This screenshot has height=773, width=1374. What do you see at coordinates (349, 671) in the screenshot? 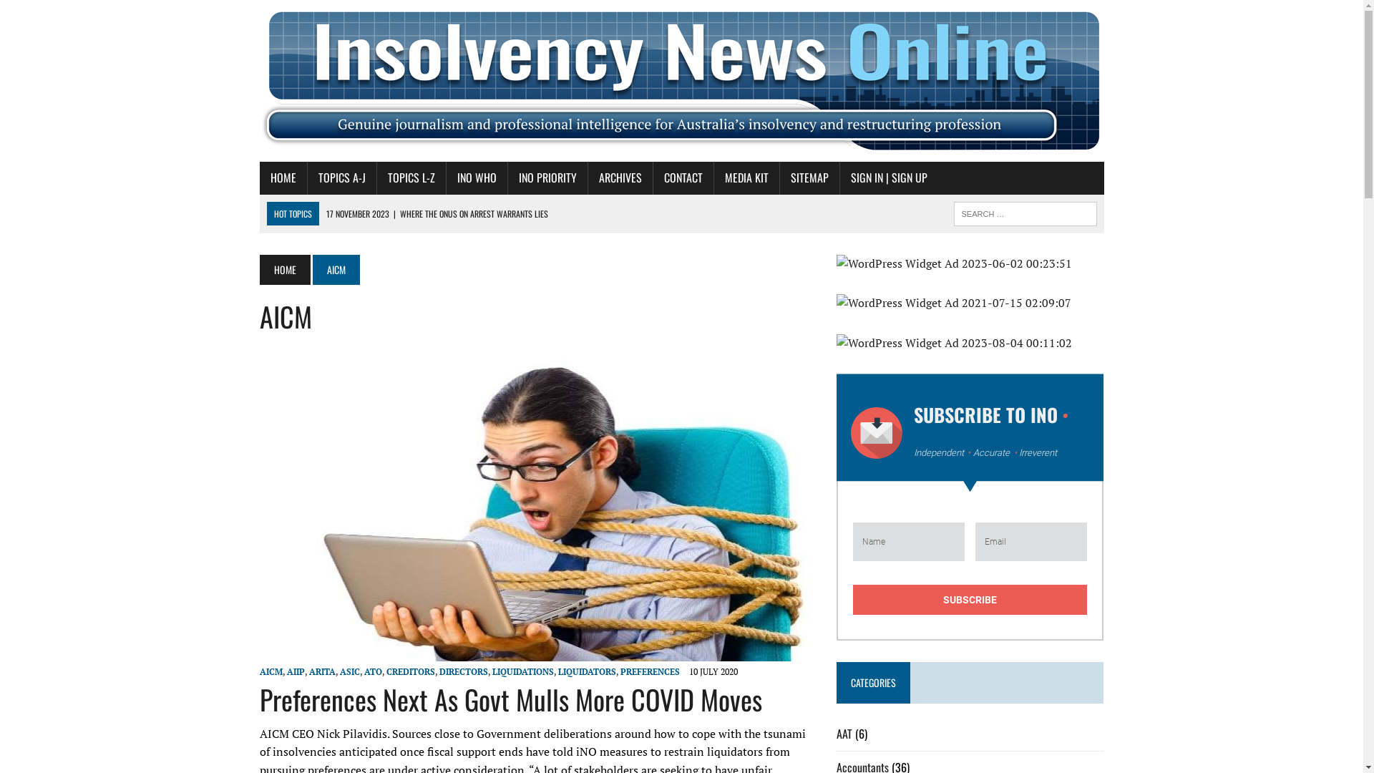
I see `'ASIC'` at bounding box center [349, 671].